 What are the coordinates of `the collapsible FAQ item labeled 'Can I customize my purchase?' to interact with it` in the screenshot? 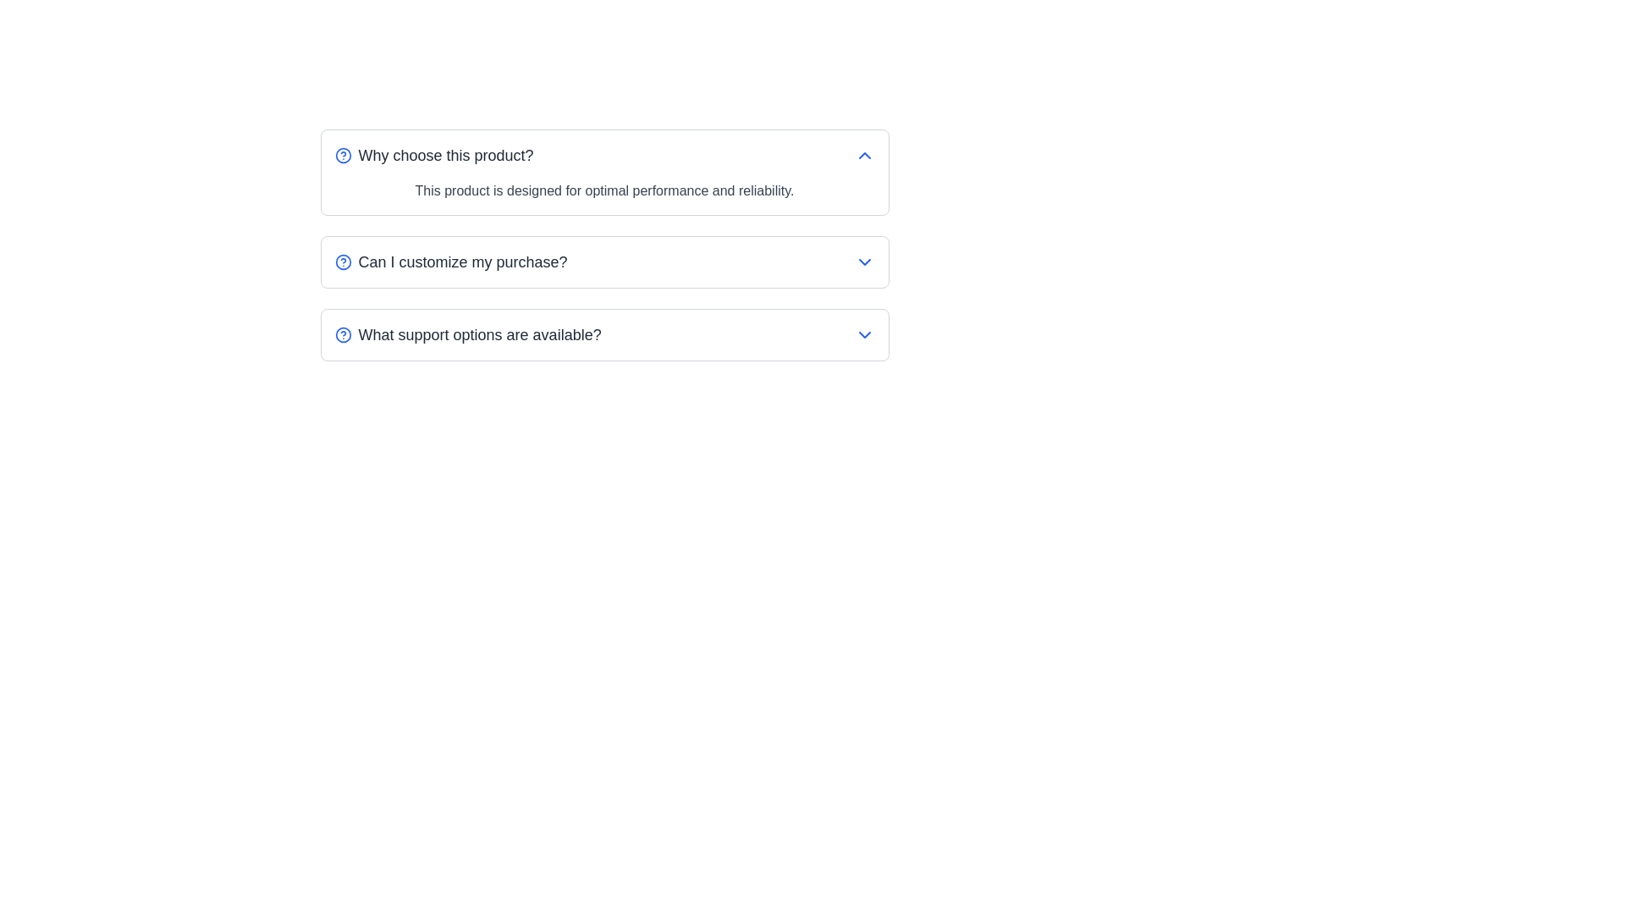 It's located at (604, 245).